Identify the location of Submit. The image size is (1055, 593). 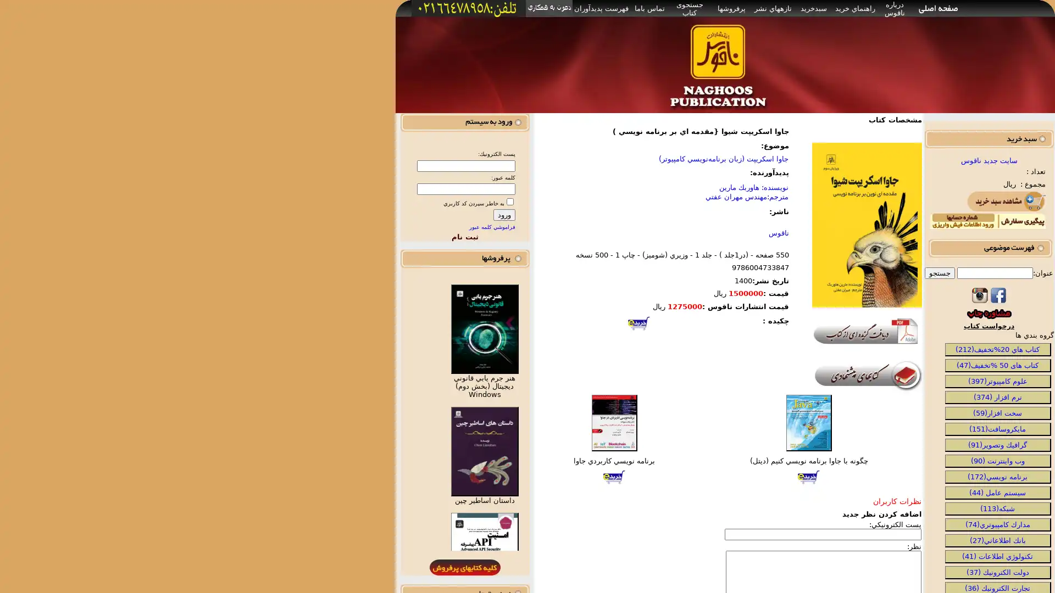
(1006, 201).